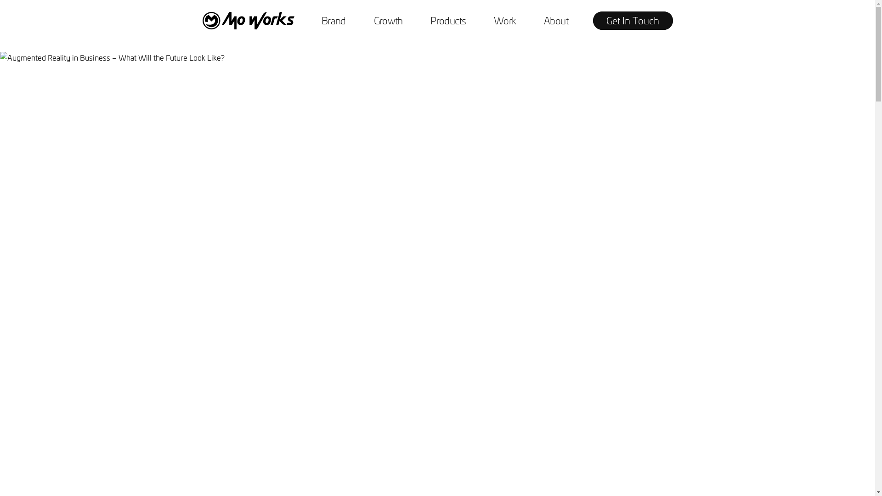  What do you see at coordinates (632, 21) in the screenshot?
I see `'Get In Touch'` at bounding box center [632, 21].